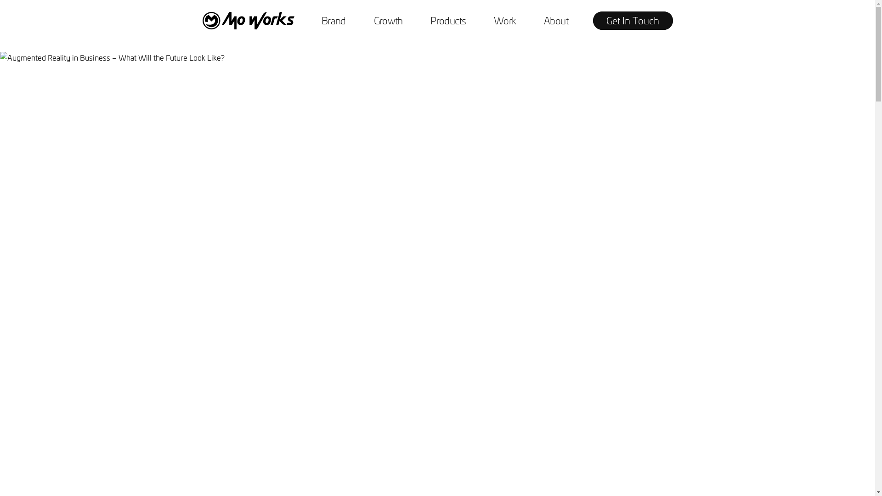  What do you see at coordinates (632, 21) in the screenshot?
I see `'Get In Touch'` at bounding box center [632, 21].